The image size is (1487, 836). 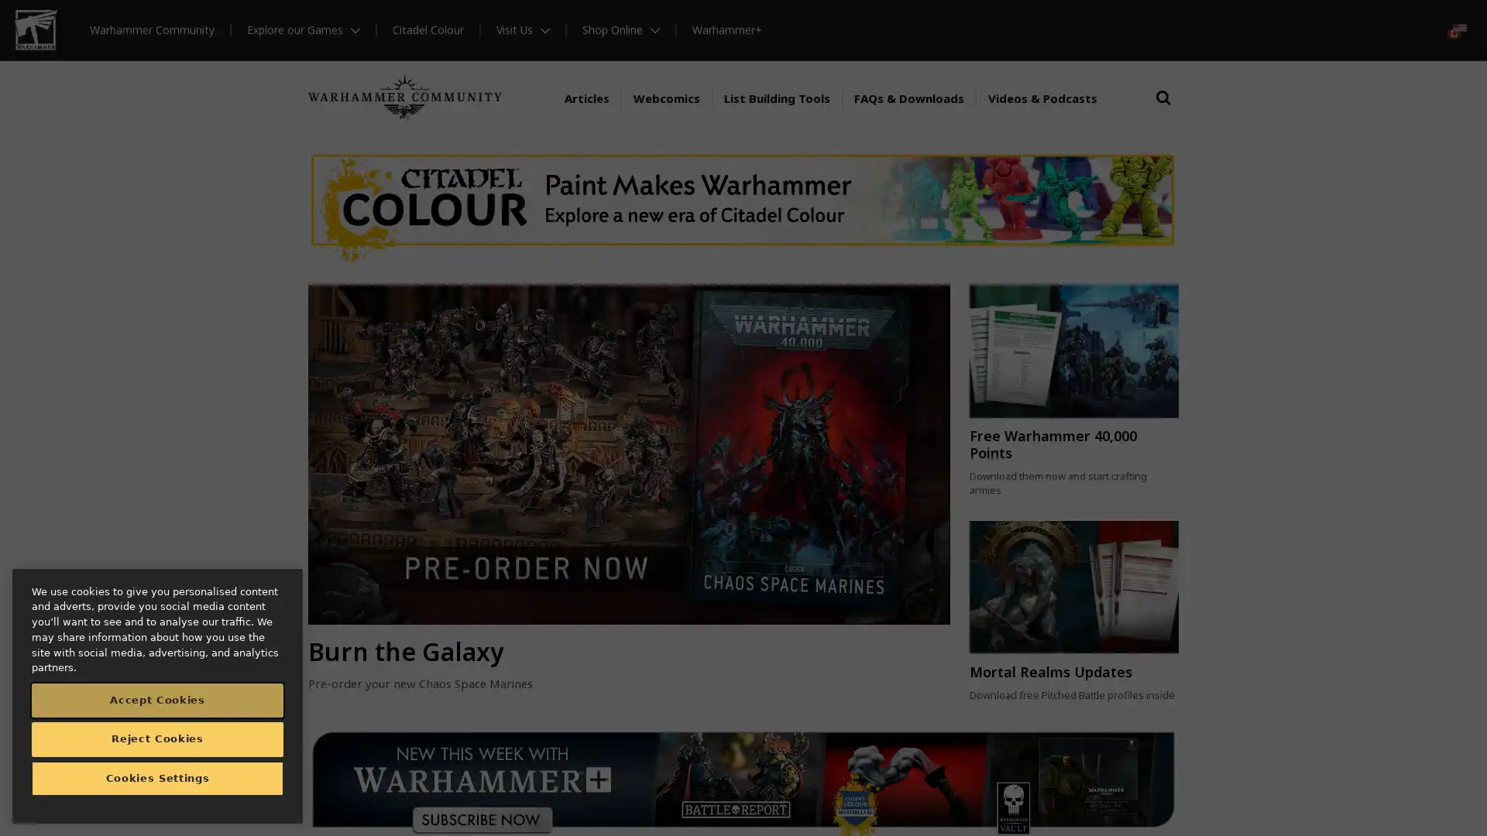 What do you see at coordinates (157, 783) in the screenshot?
I see `Cookies Settings` at bounding box center [157, 783].